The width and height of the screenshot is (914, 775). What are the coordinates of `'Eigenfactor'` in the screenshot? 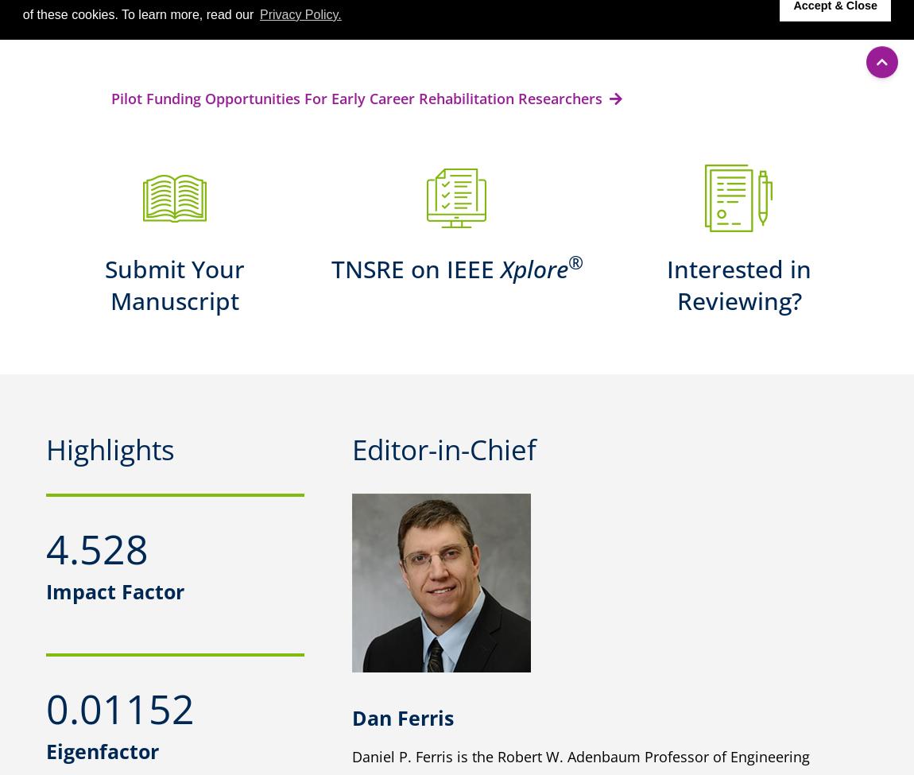 It's located at (100, 750).